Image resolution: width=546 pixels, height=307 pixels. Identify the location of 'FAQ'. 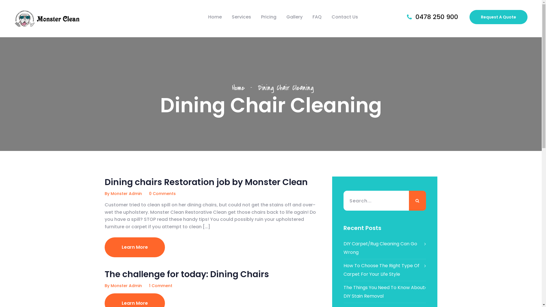
(317, 17).